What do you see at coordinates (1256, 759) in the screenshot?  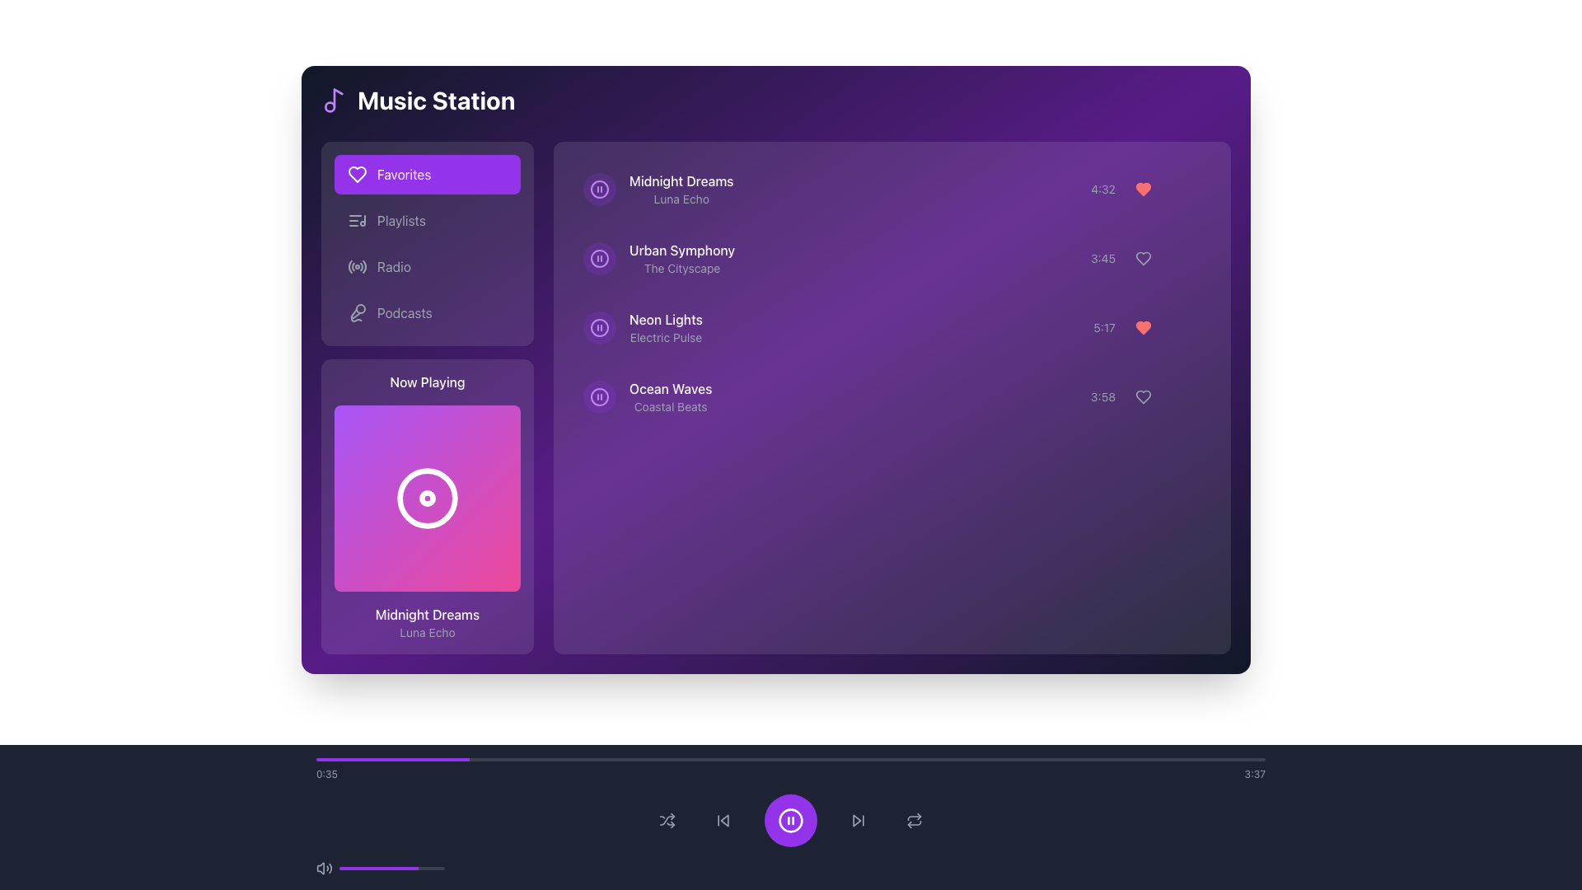 I see `playback position` at bounding box center [1256, 759].